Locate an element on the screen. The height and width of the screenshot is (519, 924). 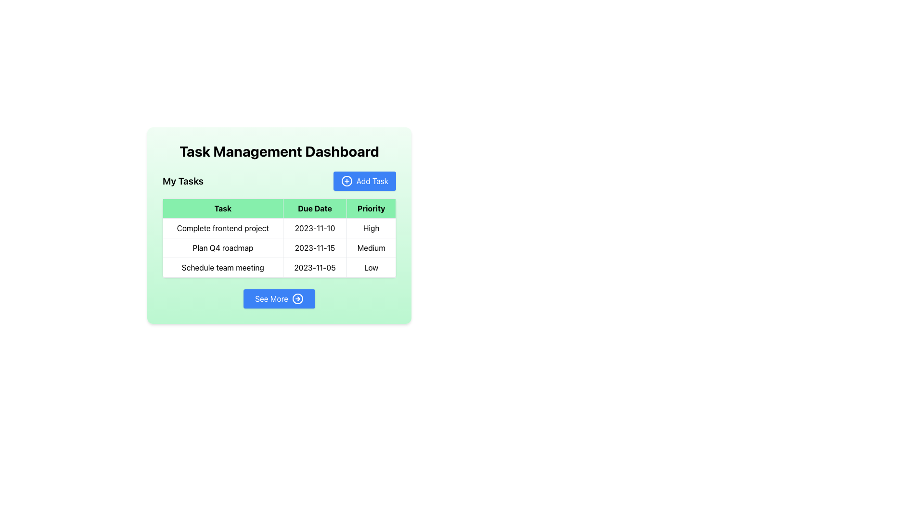
the third row in the task management table, which contains details such as task name, due date, and priority, located between the 'Plan Q4 roadmap' row and the 'See More' button is located at coordinates (279, 267).